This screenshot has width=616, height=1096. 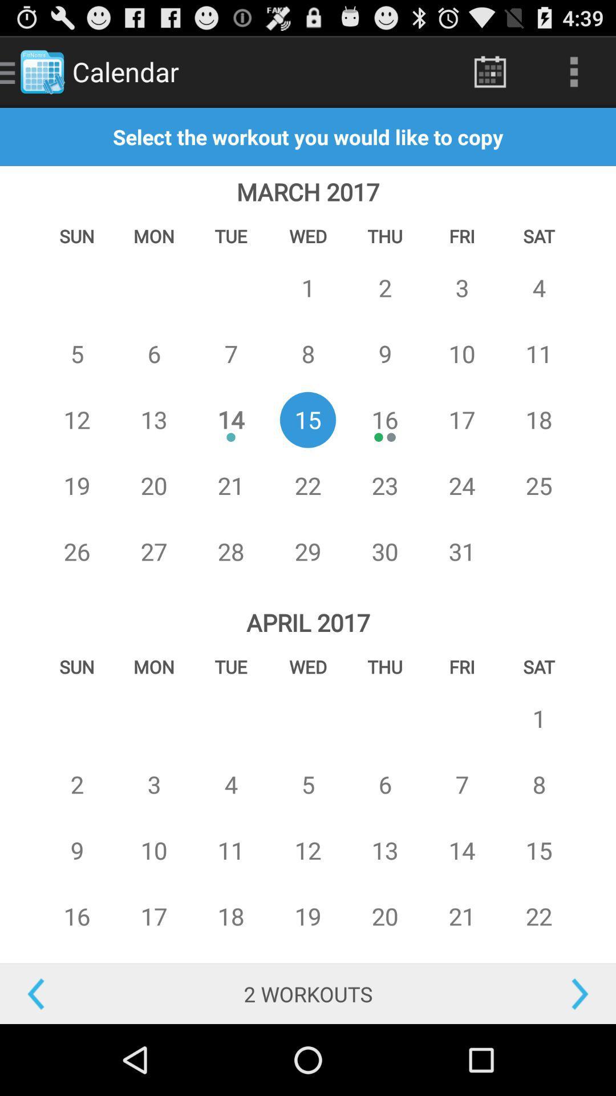 I want to click on previous months, so click(x=77, y=993).